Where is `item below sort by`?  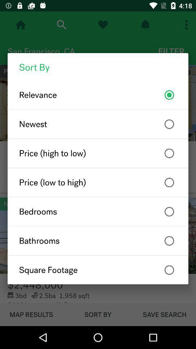
item below sort by is located at coordinates (98, 95).